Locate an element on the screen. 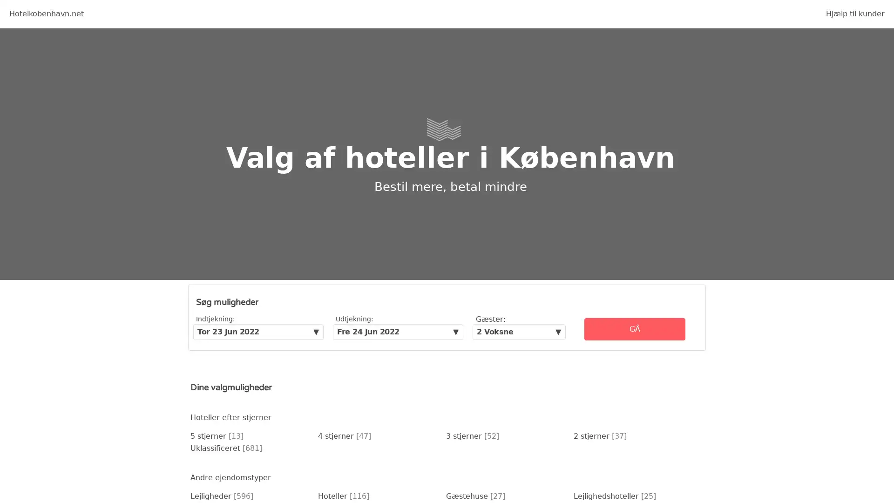 The image size is (894, 503). GA is located at coordinates (634, 328).